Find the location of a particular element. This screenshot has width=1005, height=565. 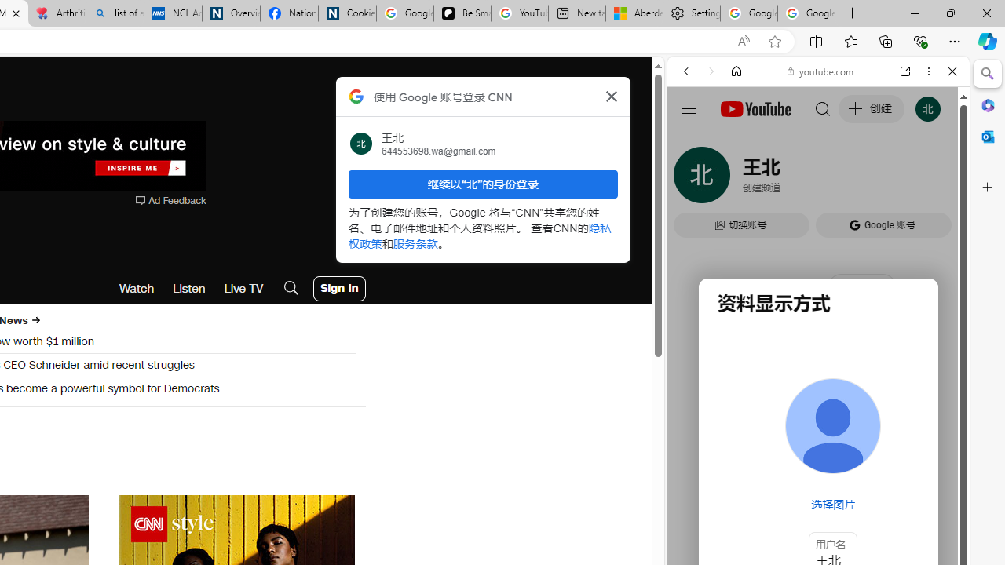

'Aberdeen, Hong Kong SAR hourly forecast | Microsoft Weather' is located at coordinates (634, 13).